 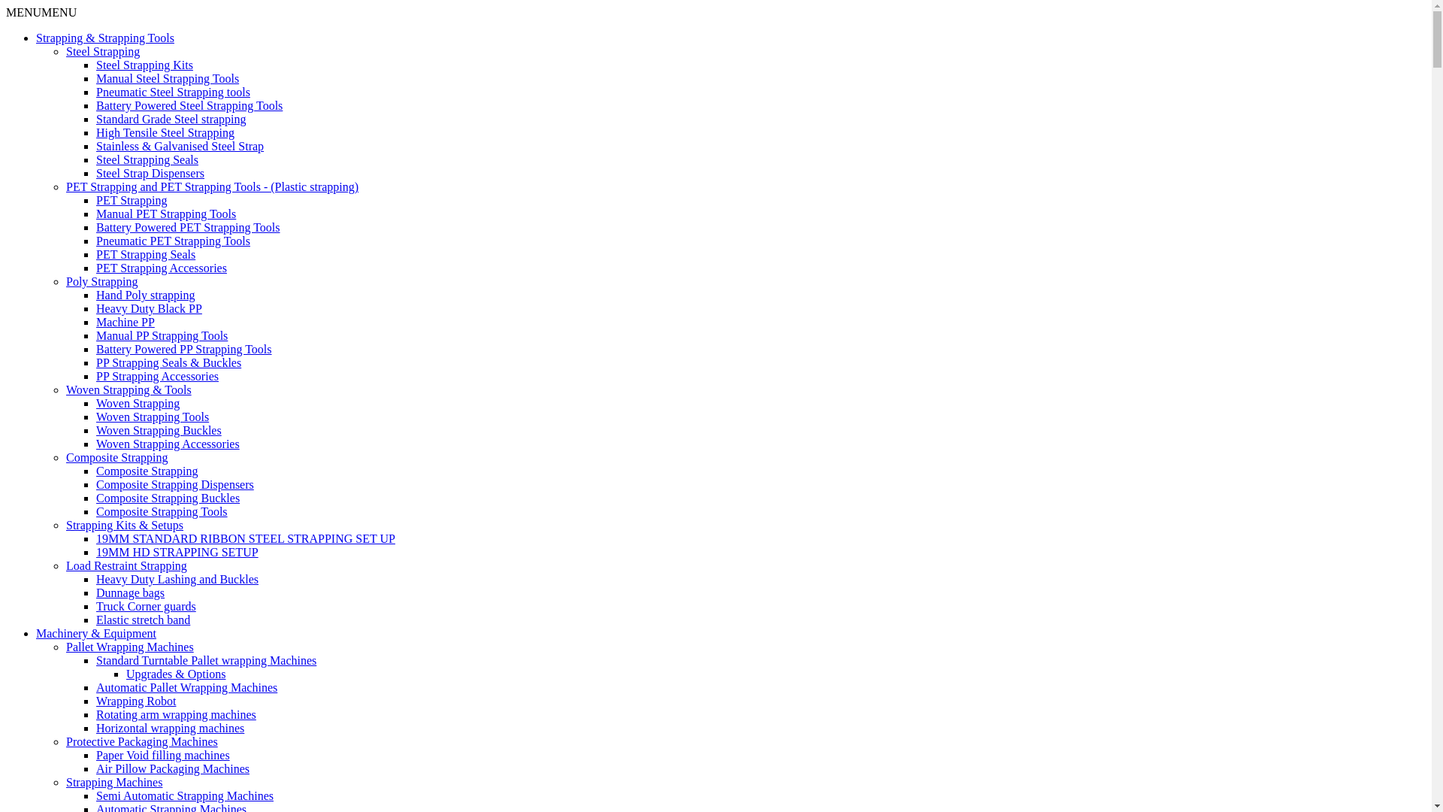 What do you see at coordinates (95, 687) in the screenshot?
I see `'Automatic Pallet Wrapping Machines'` at bounding box center [95, 687].